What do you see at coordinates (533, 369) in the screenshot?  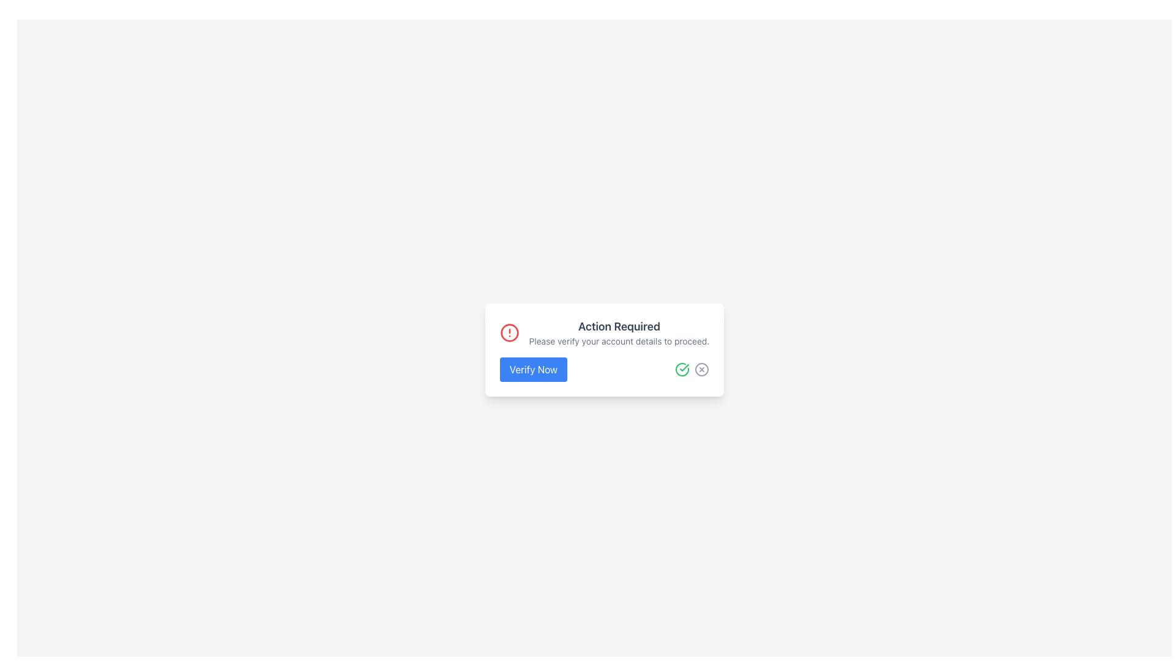 I see `the verification button located at the bottom of the modal dialog` at bounding box center [533, 369].